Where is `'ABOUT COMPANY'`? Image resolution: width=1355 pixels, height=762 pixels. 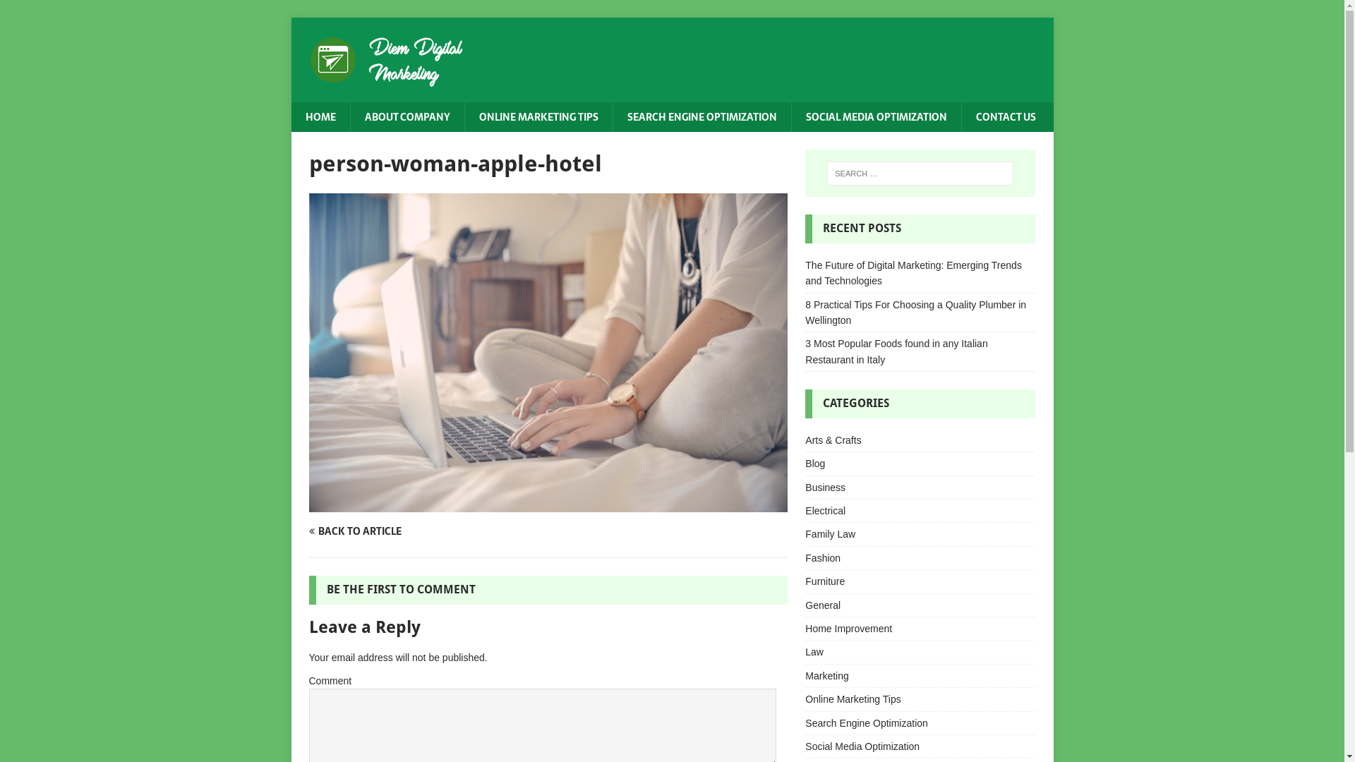
'ABOUT COMPANY' is located at coordinates (406, 116).